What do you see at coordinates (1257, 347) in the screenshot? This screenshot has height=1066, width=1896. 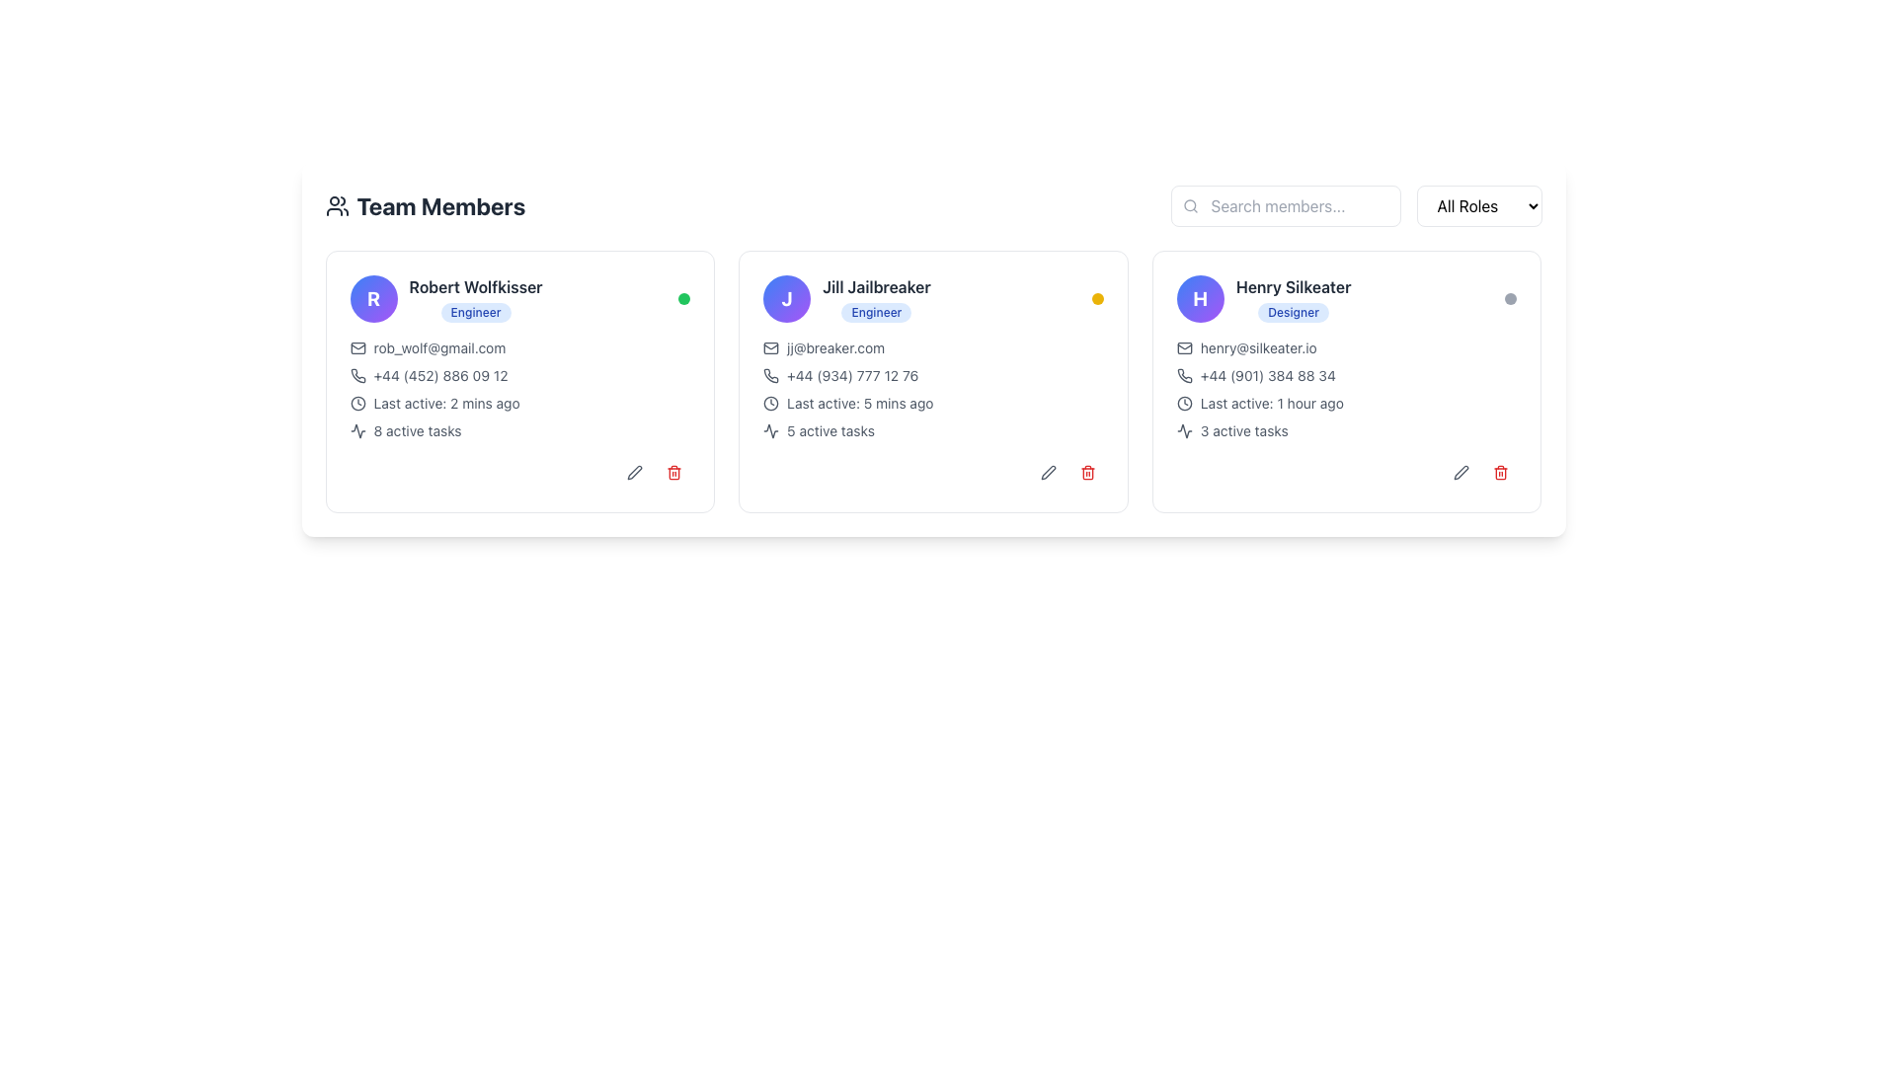 I see `the clickable text link displaying the email address 'henry@silkeater.io'` at bounding box center [1257, 347].